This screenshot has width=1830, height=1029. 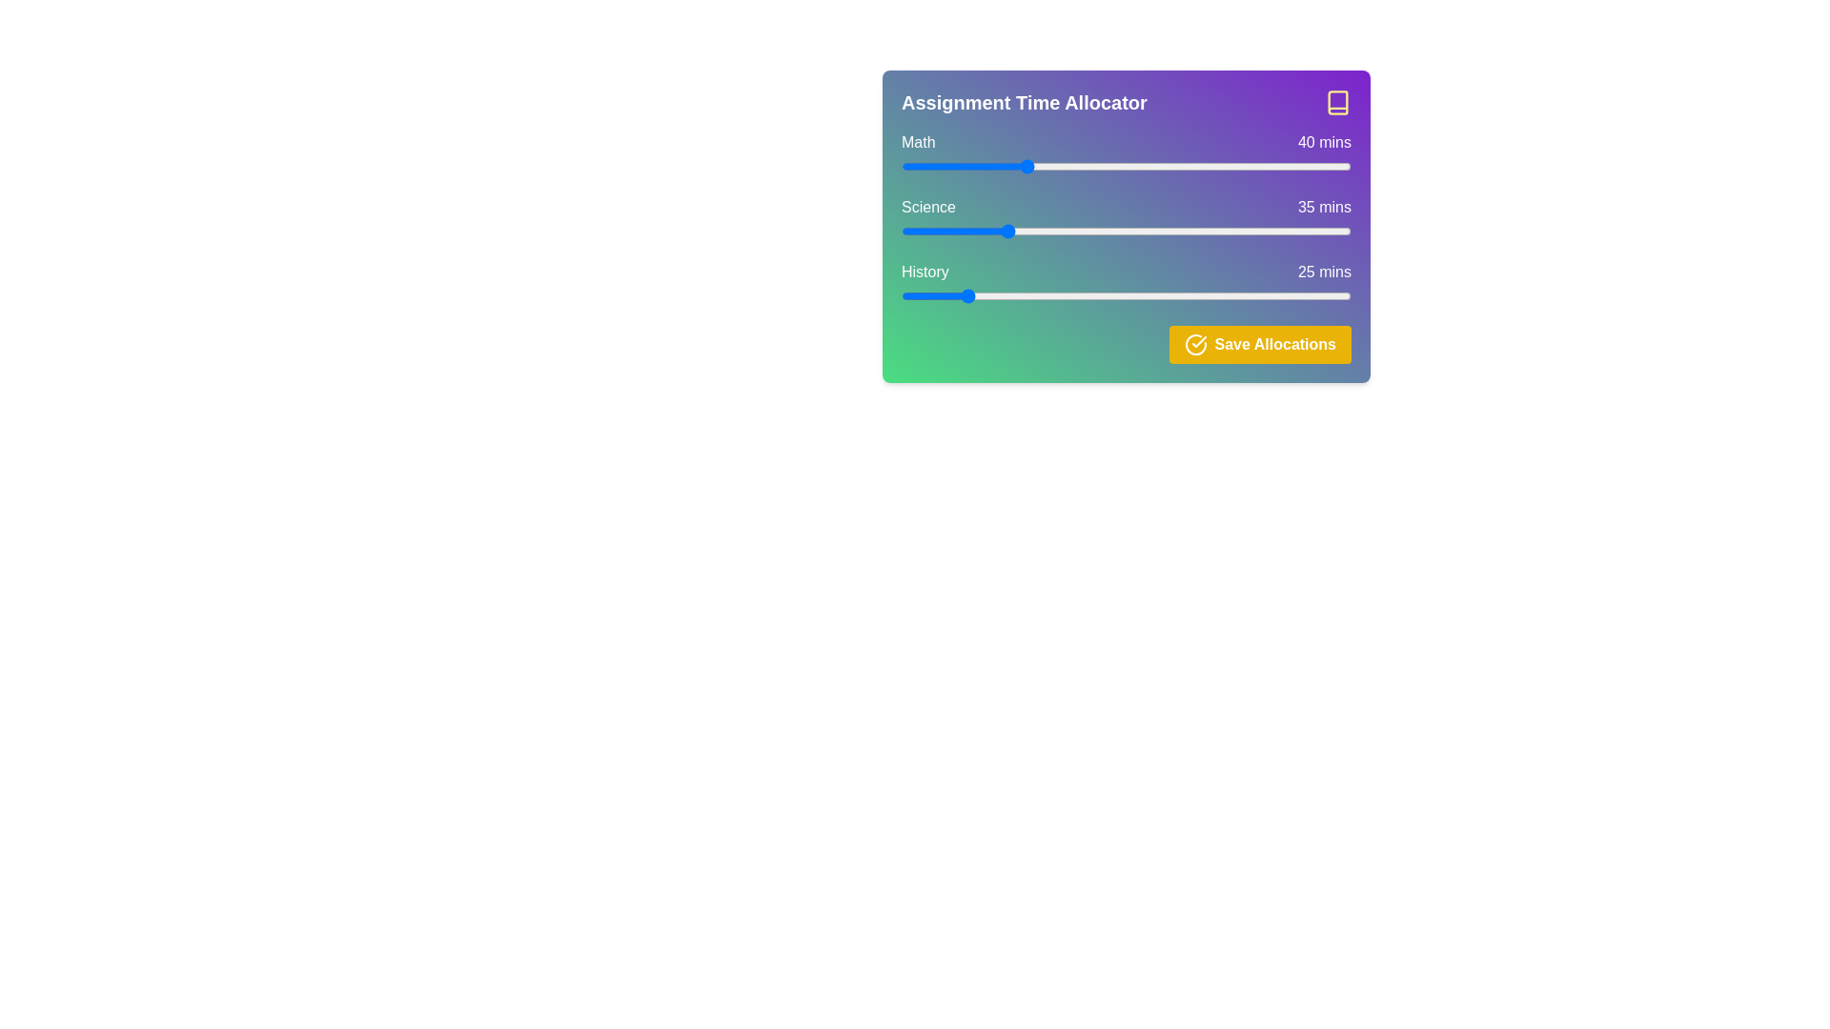 I want to click on the history allocation time, so click(x=1190, y=296).